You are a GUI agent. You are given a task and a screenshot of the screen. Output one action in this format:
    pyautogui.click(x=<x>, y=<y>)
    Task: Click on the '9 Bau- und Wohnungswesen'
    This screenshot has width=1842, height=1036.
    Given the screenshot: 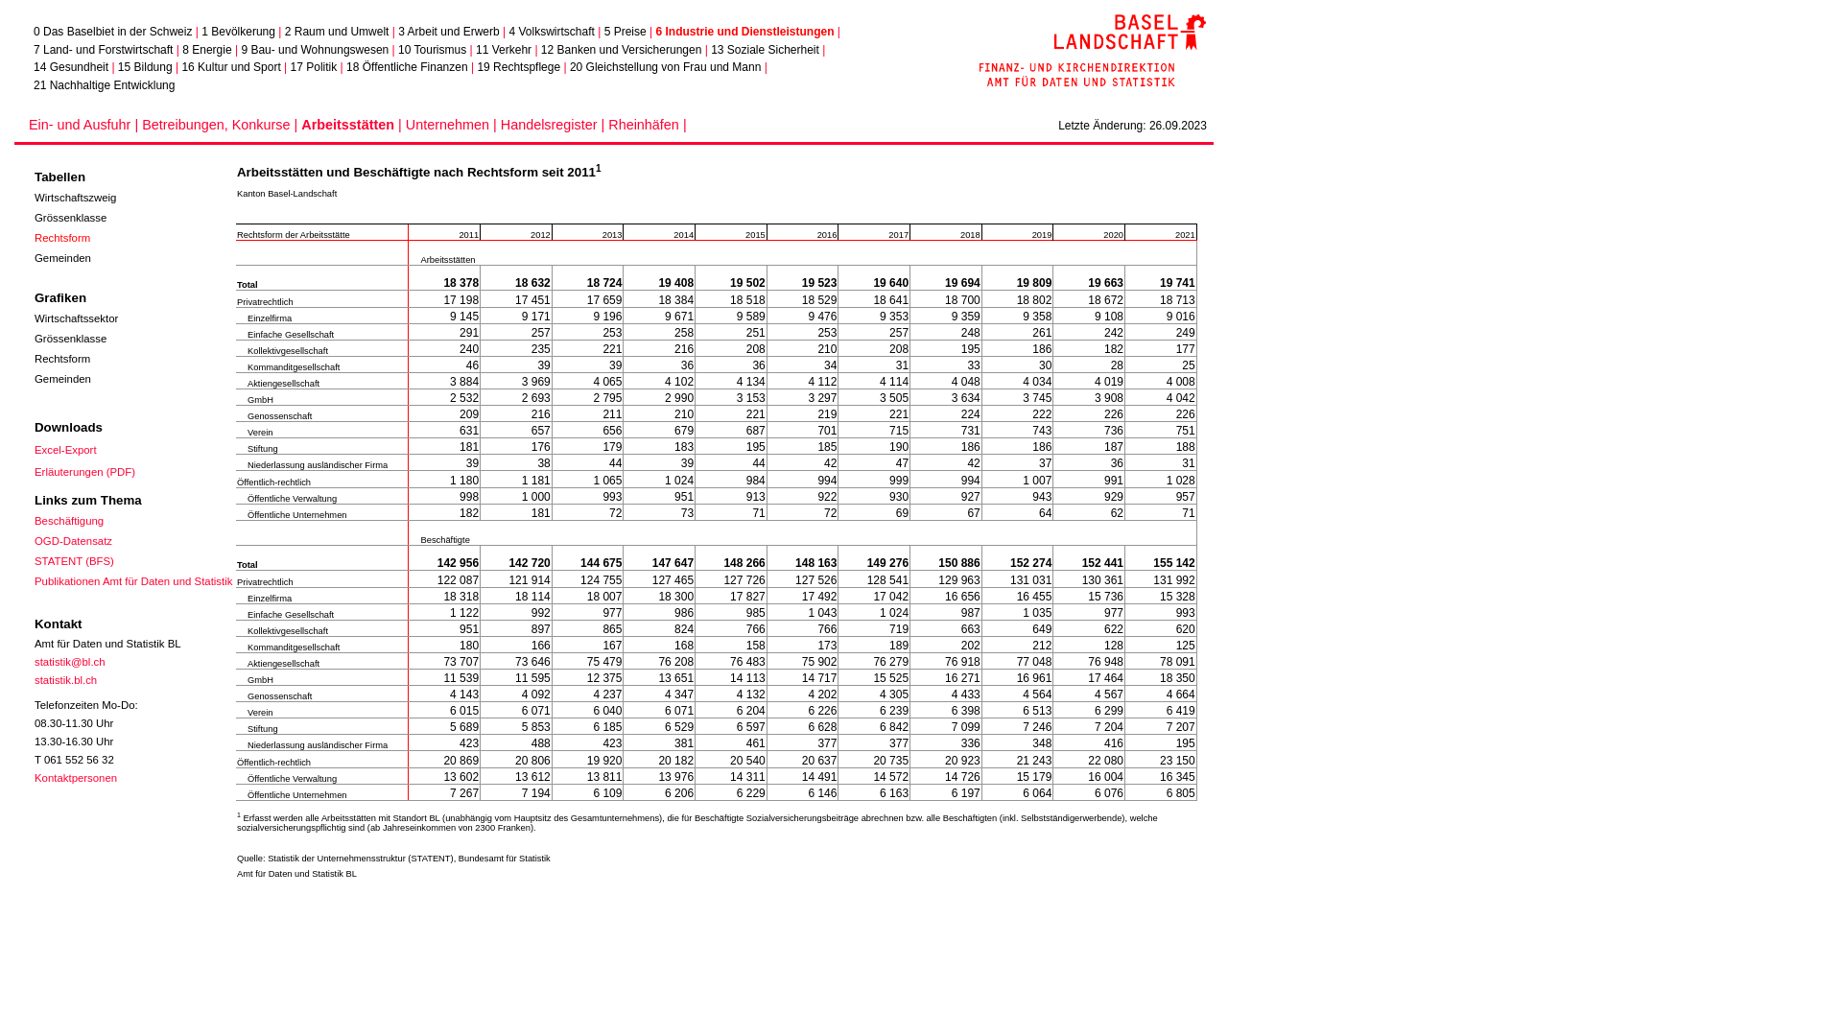 What is the action you would take?
    pyautogui.click(x=314, y=48)
    